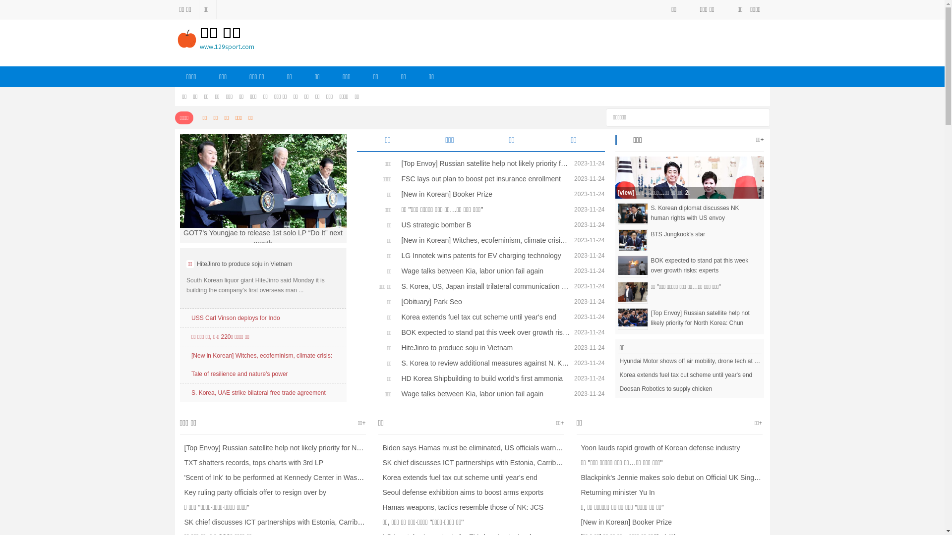 The height and width of the screenshot is (535, 952). I want to click on 'Yoon lauds rapid growth of Korean defense industry', so click(657, 447).